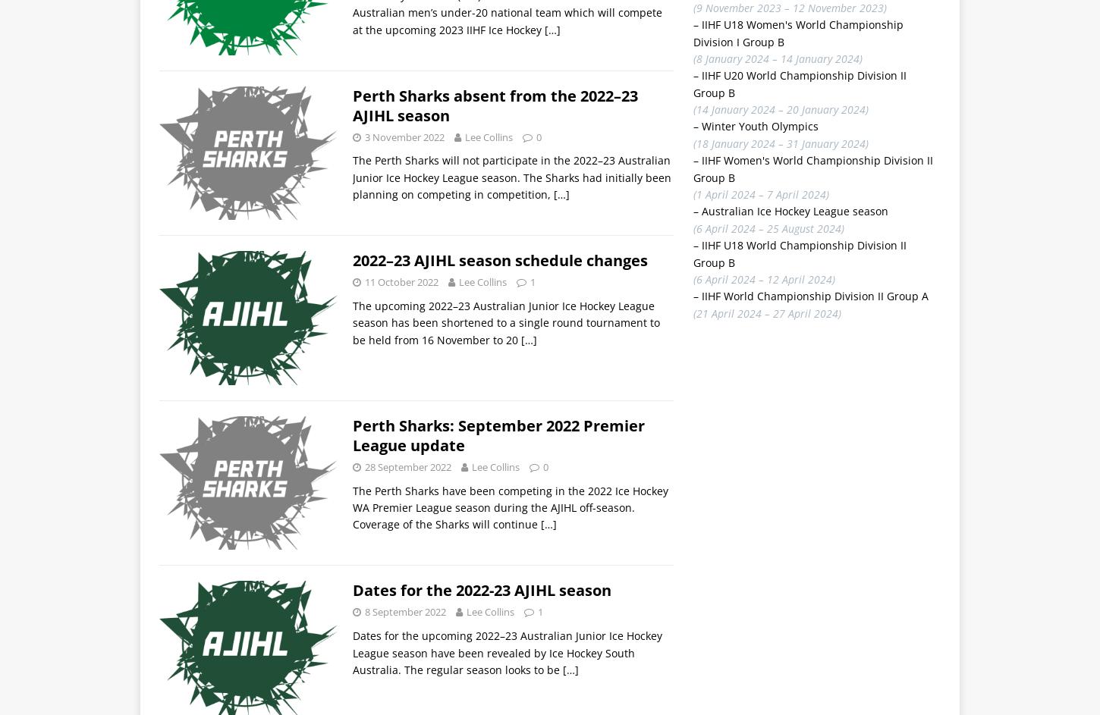 The width and height of the screenshot is (1100, 715). What do you see at coordinates (692, 168) in the screenshot?
I see `'IIHF Women's World Championship Division II Group B'` at bounding box center [692, 168].